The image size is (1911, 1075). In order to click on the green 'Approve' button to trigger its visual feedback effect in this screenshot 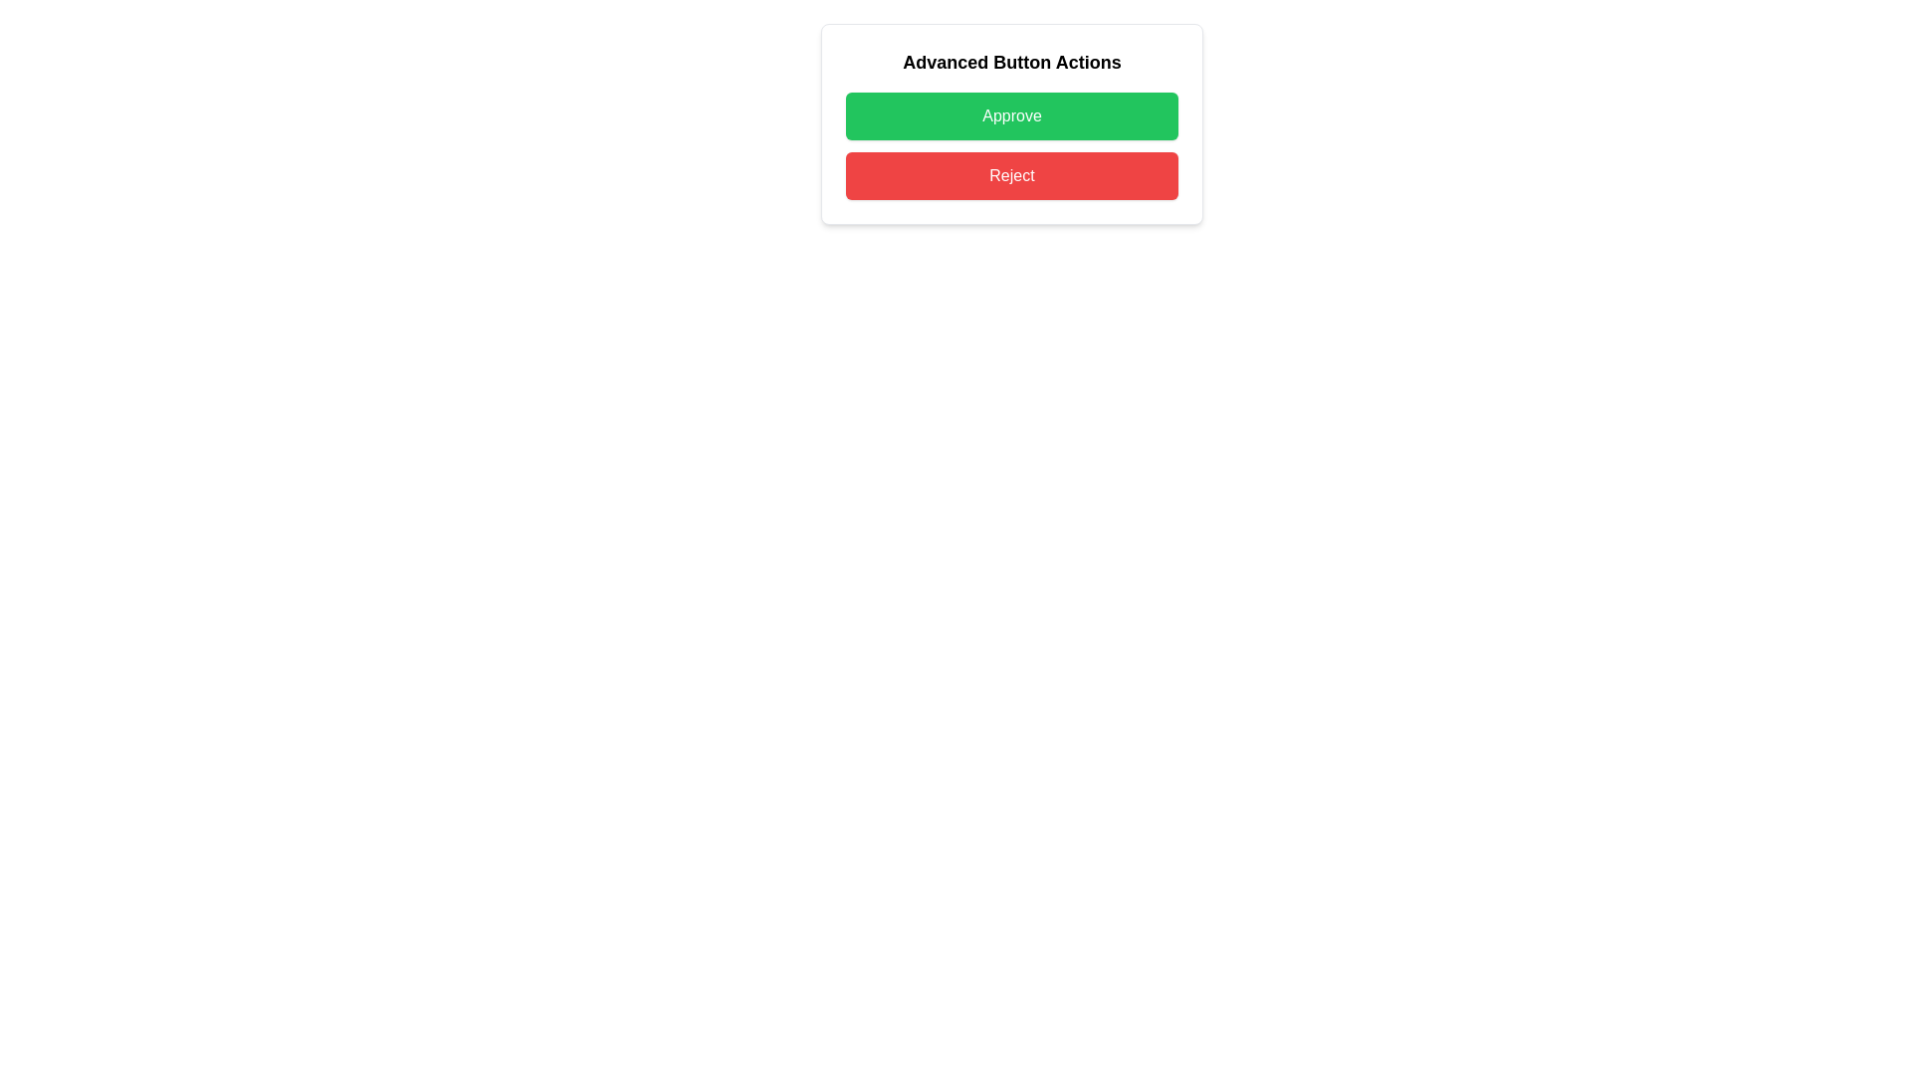, I will do `click(1012, 115)`.